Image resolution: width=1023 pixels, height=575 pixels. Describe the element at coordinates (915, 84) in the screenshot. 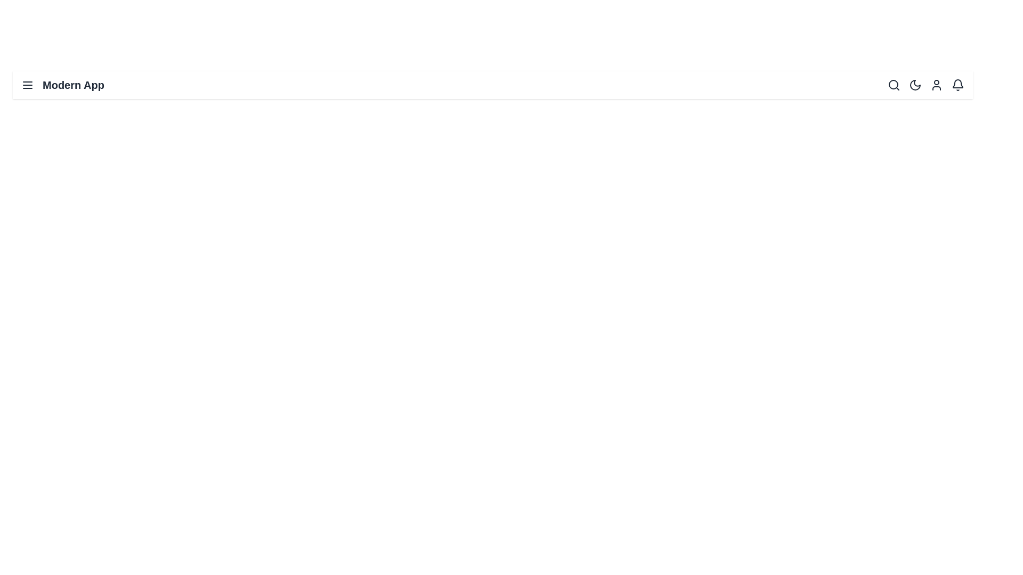

I see `the sun/moon toggle button to switch between dark mode and light mode` at that location.